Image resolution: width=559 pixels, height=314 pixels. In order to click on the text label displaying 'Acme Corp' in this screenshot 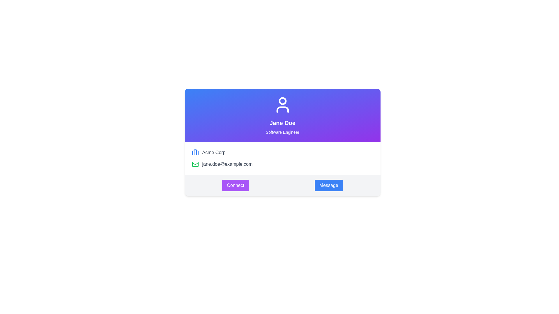, I will do `click(213, 152)`.